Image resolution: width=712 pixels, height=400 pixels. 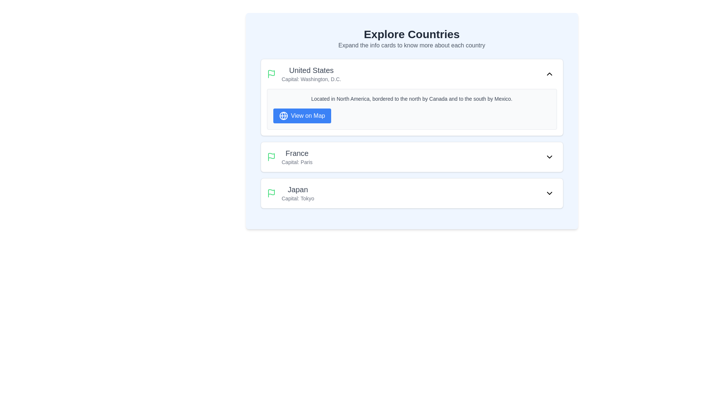 What do you see at coordinates (283, 116) in the screenshot?
I see `the SVG Circle element that visually represents a globe icon, located within the 'View on Map' button of the 'United States' panel` at bounding box center [283, 116].